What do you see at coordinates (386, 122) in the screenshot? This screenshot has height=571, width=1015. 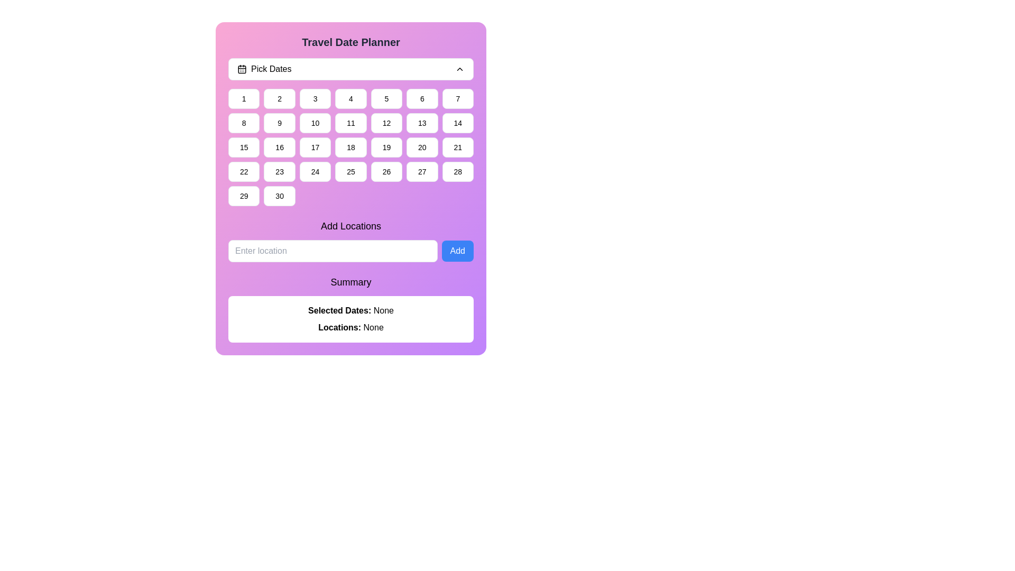 I see `the rectangular button with rounded corners that has a black numeral '12' centered inside, located in the second row and sixth column of the grid layout in the date picker section` at bounding box center [386, 122].